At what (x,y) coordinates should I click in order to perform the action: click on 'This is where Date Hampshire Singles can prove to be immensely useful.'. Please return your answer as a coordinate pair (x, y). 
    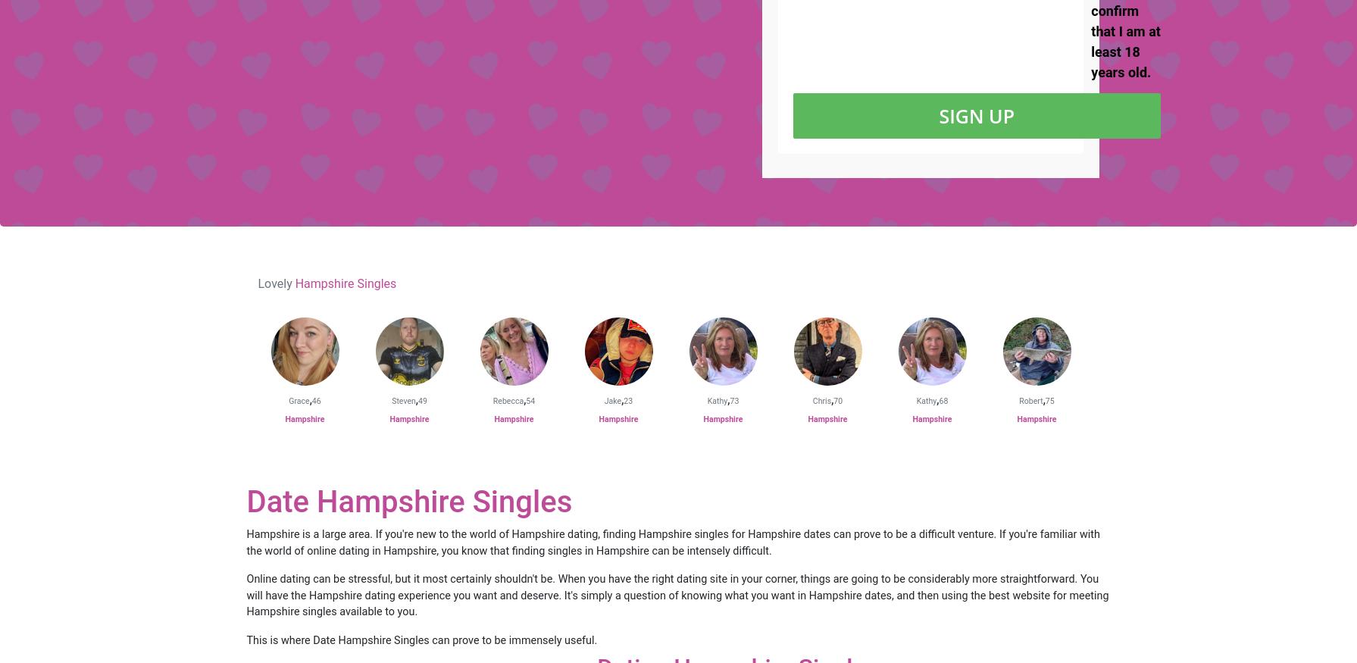
    Looking at the image, I should click on (421, 640).